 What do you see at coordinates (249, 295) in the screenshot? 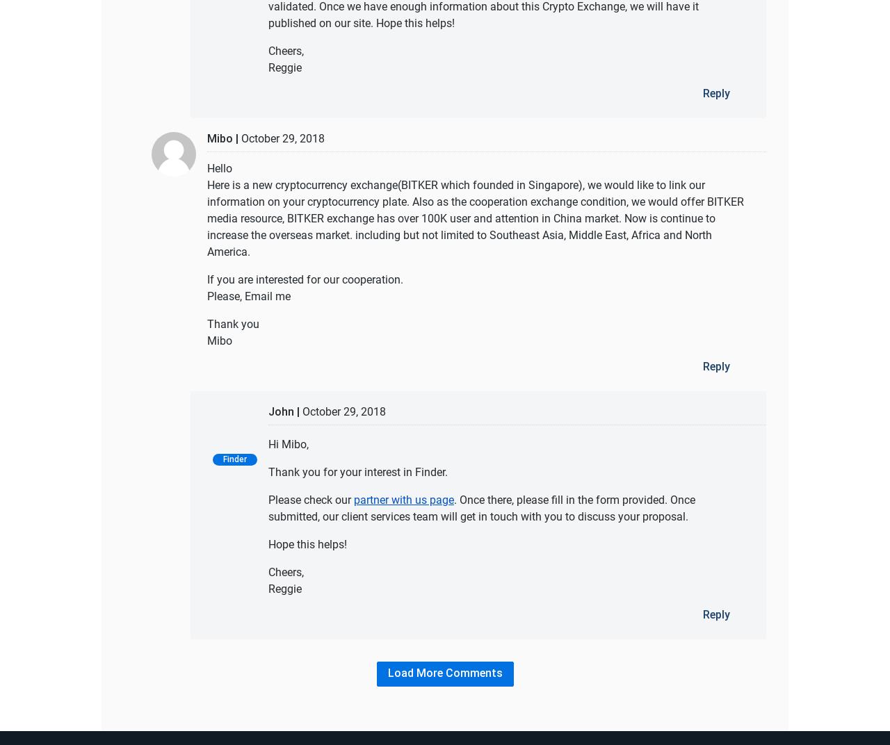
I see `'Please, Email me'` at bounding box center [249, 295].